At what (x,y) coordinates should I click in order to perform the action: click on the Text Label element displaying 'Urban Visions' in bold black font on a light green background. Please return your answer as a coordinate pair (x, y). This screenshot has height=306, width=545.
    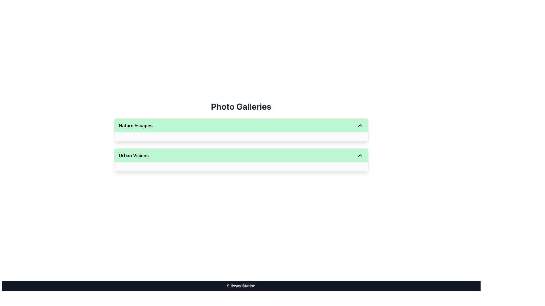
    Looking at the image, I should click on (133, 155).